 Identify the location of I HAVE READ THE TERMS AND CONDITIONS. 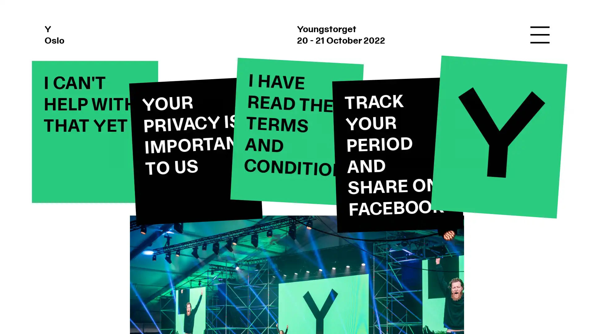
(296, 131).